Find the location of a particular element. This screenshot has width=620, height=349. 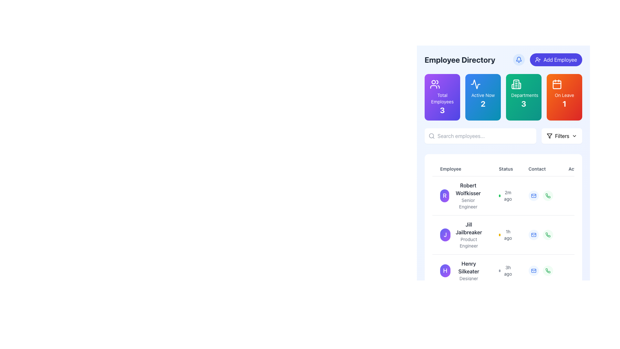

the small circular button with a light blue background and envelope icon to initiate an email to the employee 'Robert Wolfkisser' is located at coordinates (533, 195).